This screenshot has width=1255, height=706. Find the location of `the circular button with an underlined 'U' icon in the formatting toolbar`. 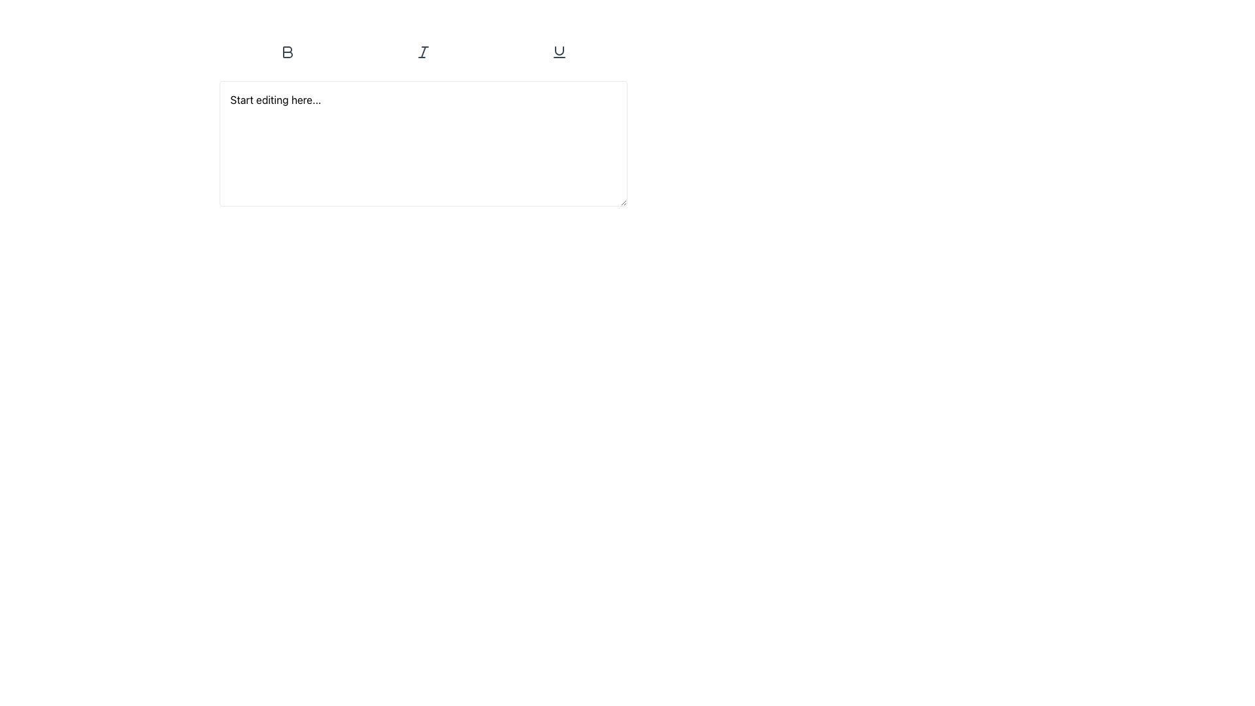

the circular button with an underlined 'U' icon in the formatting toolbar is located at coordinates (559, 52).